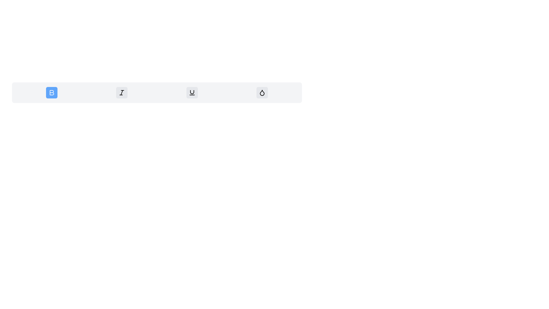  What do you see at coordinates (262, 92) in the screenshot?
I see `the droplet icon button, which is the fourth button from the left in a horizontal row at the top center of the interface` at bounding box center [262, 92].